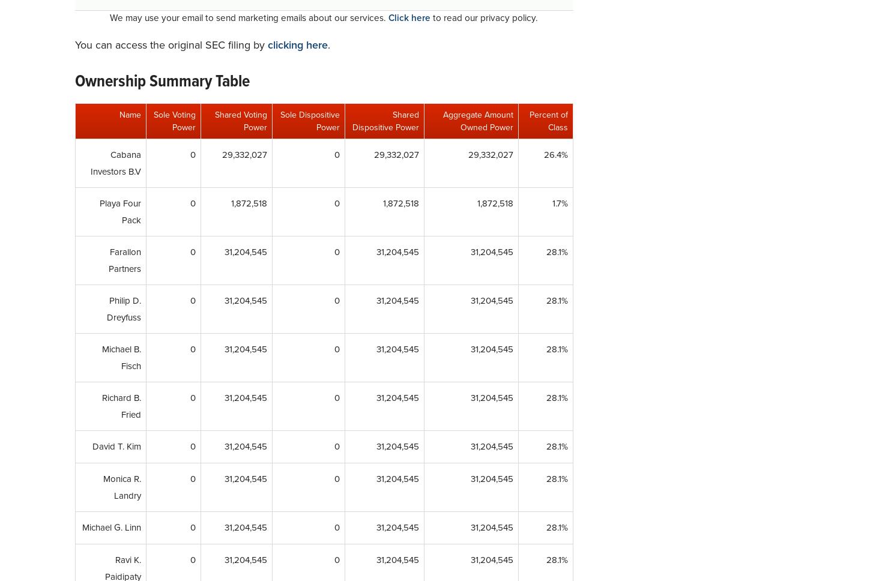 The width and height of the screenshot is (894, 581). Describe the element at coordinates (477, 121) in the screenshot. I see `'Aggregate Amount Owned Power'` at that location.